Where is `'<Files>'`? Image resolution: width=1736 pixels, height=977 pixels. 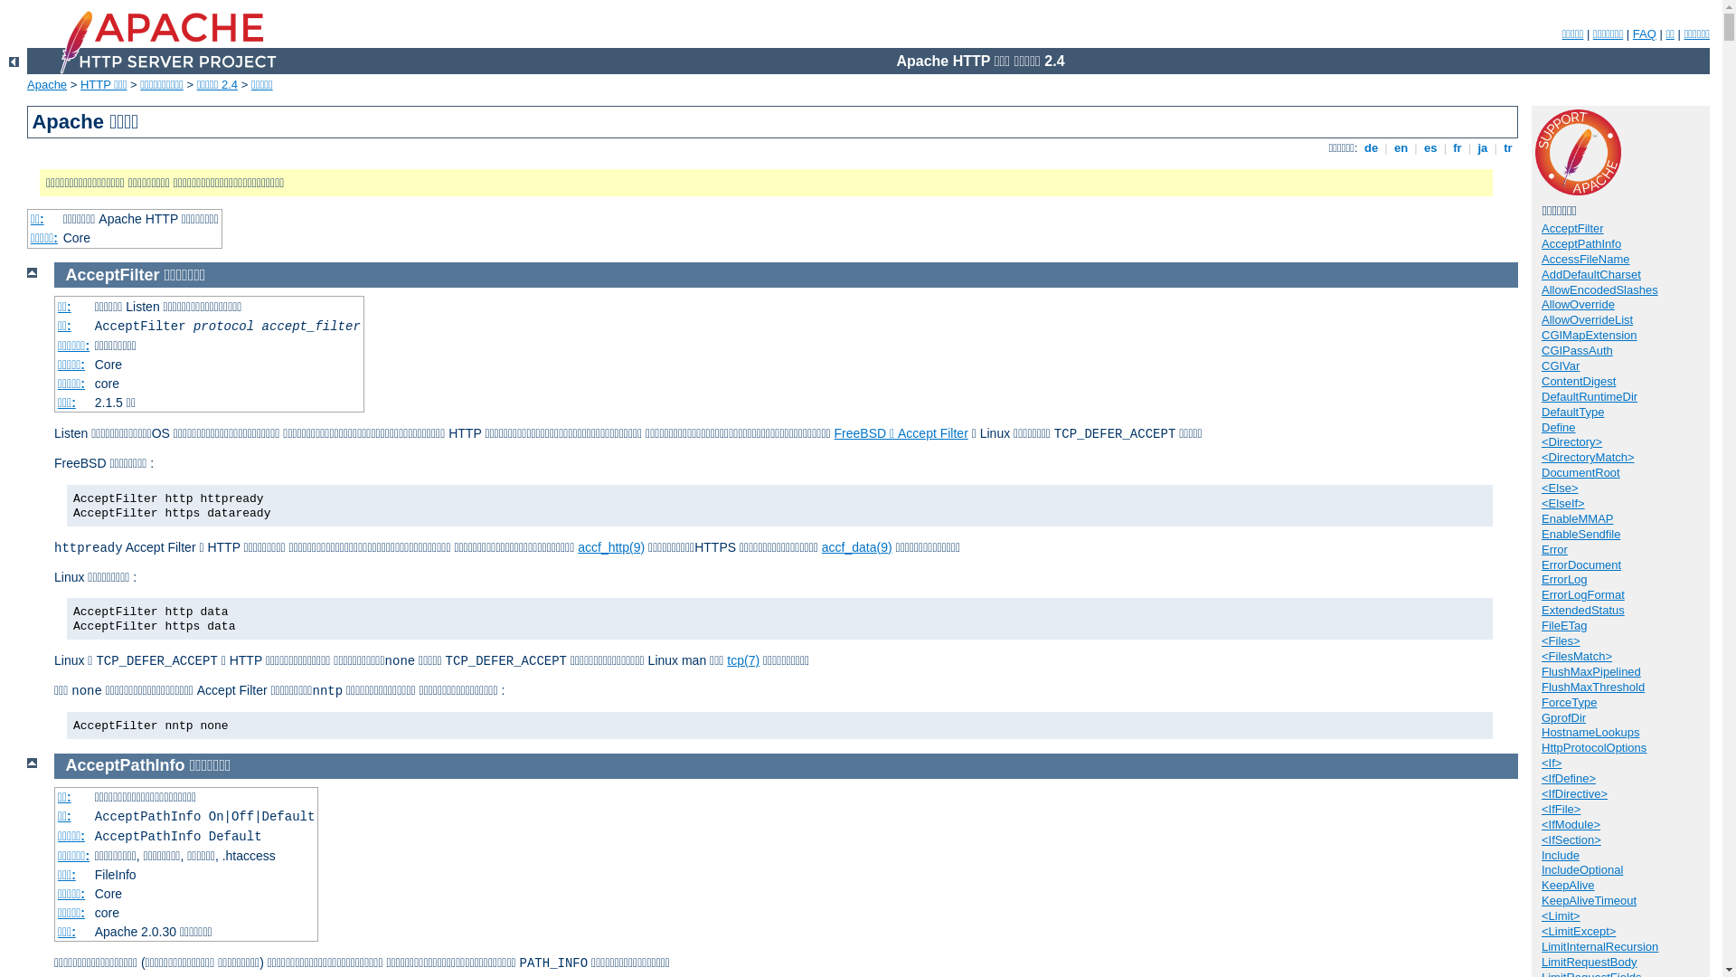
'<Files>' is located at coordinates (1560, 640).